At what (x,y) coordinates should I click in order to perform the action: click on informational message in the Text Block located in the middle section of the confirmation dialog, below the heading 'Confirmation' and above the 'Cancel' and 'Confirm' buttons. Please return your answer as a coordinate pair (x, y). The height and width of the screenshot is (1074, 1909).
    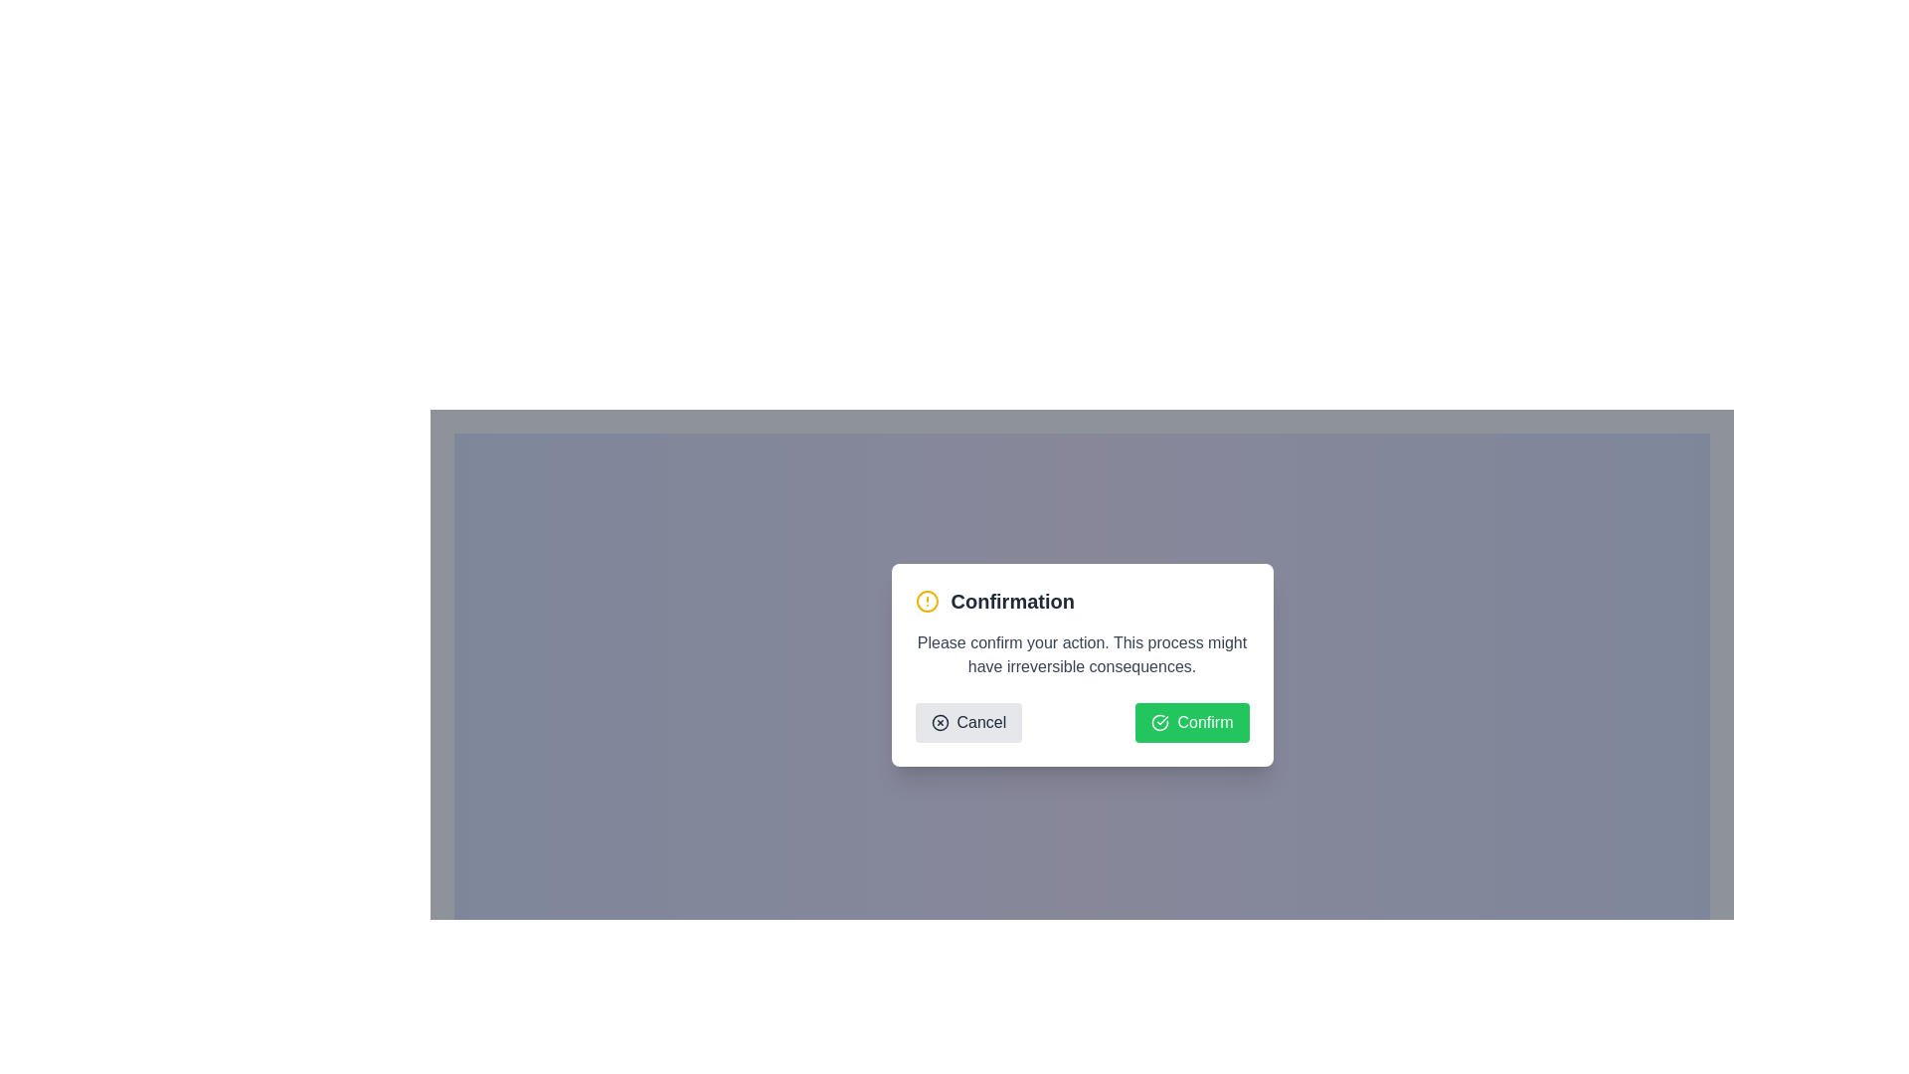
    Looking at the image, I should click on (1081, 654).